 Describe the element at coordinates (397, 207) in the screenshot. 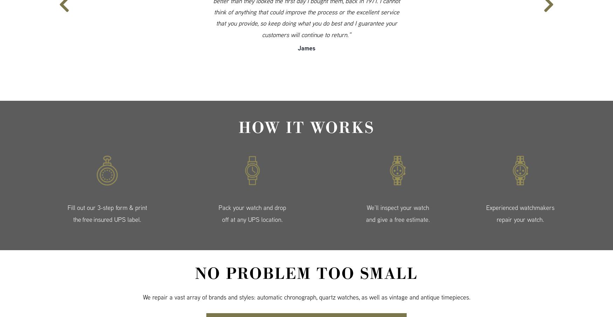

I see `'We’ll inspect your watch'` at that location.